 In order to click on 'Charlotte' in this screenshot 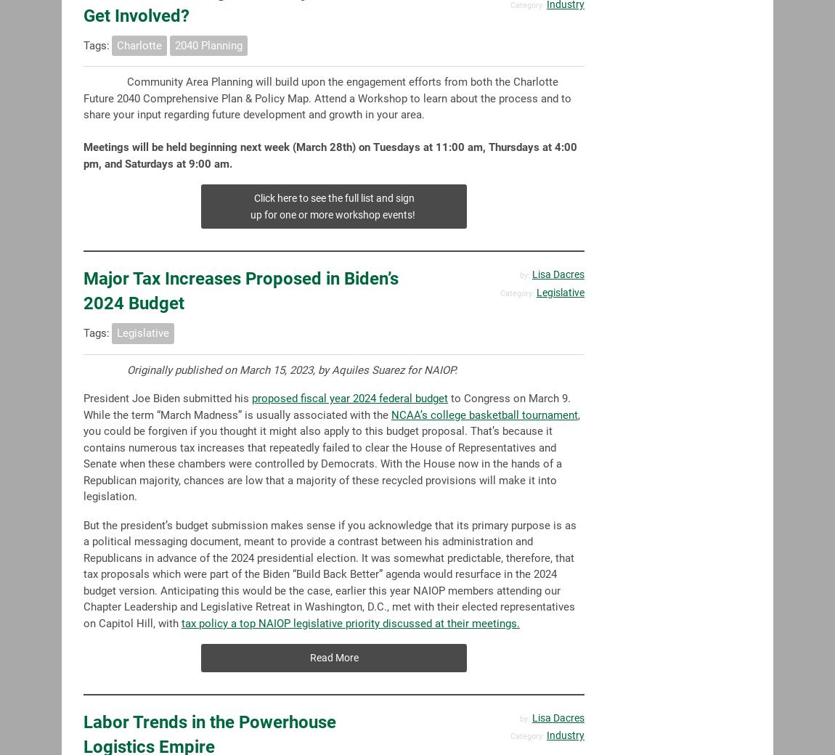, I will do `click(139, 44)`.